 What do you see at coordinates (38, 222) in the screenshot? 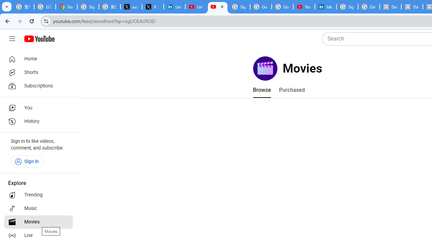
I see `'Movies'` at bounding box center [38, 222].